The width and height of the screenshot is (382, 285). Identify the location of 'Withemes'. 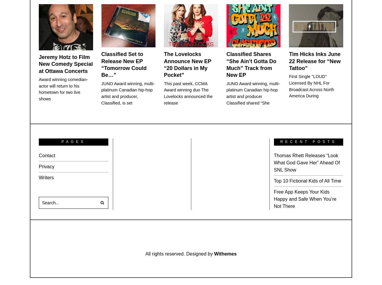
(225, 253).